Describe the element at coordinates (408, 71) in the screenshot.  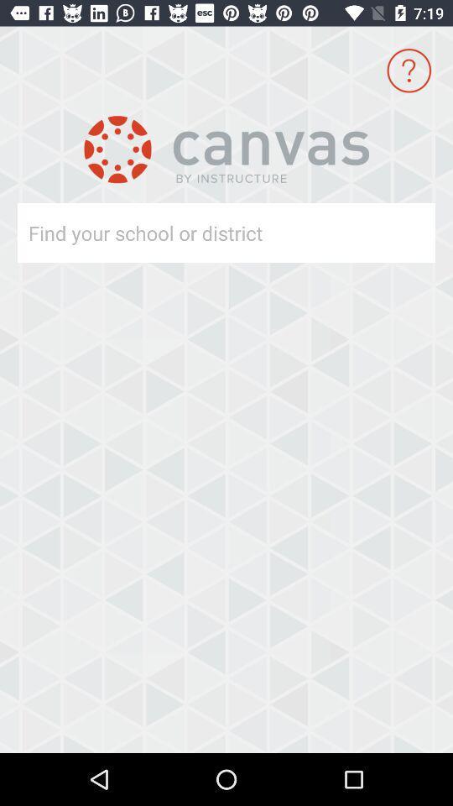
I see `the icon at the top right corner` at that location.